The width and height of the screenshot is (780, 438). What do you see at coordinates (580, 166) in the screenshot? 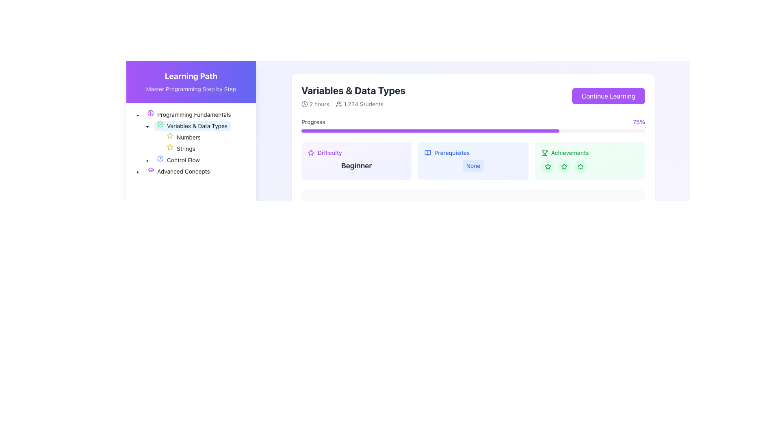
I see `the third circular green icon with a star inside it, located in the 'Achievements' section on the right side of the interface` at bounding box center [580, 166].